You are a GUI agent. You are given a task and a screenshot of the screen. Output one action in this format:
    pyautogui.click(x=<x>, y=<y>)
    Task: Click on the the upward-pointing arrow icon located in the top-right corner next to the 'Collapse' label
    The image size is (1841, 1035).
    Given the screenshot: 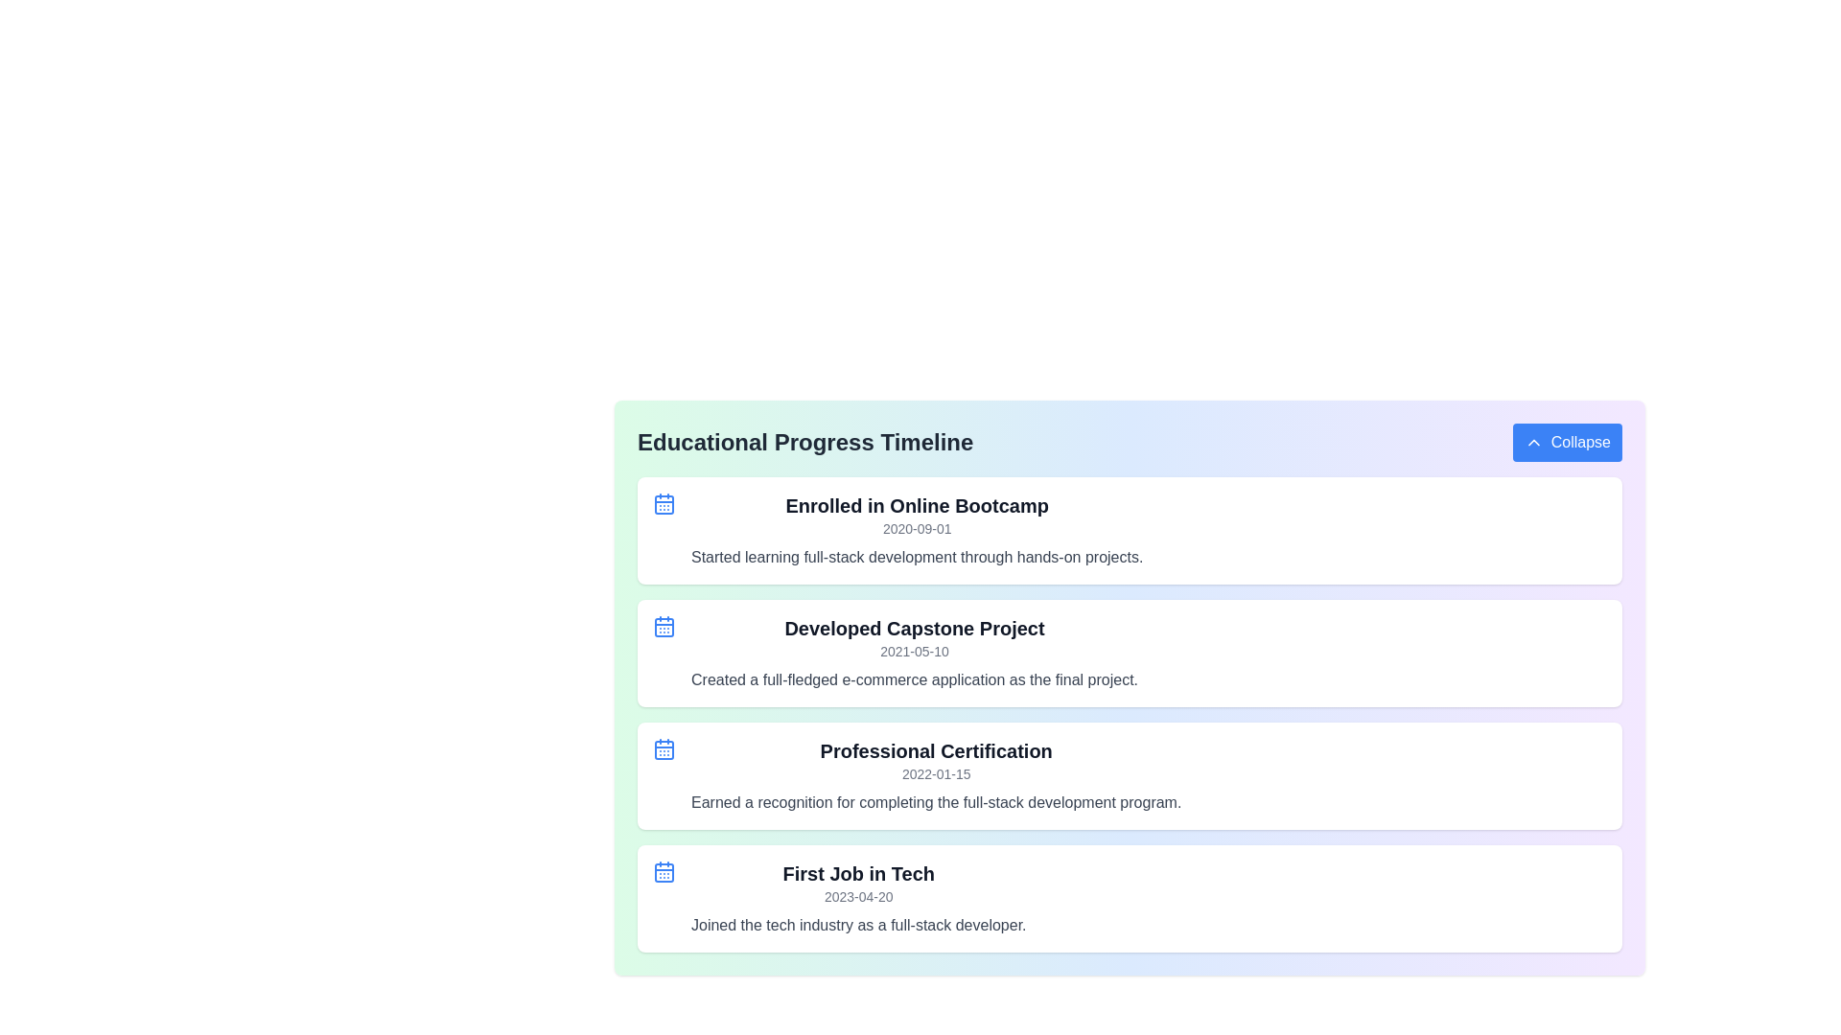 What is the action you would take?
    pyautogui.click(x=1532, y=443)
    